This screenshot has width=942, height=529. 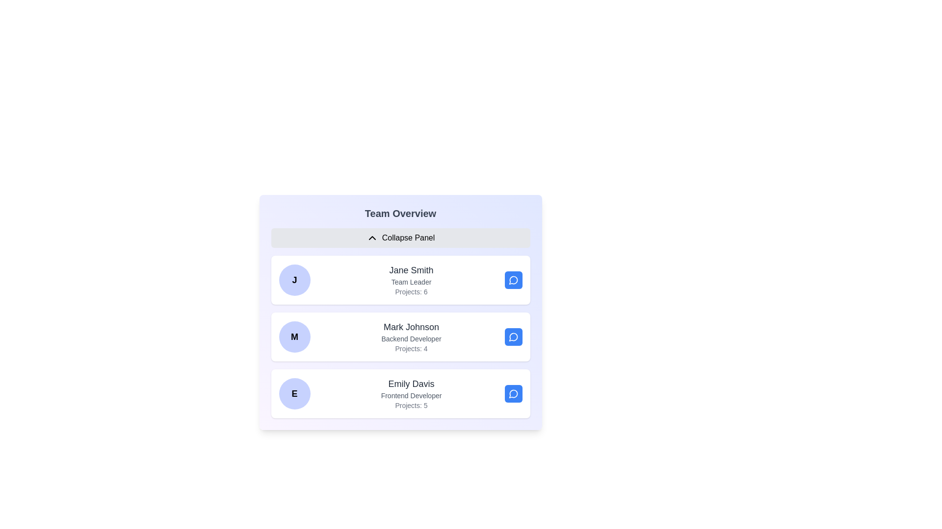 What do you see at coordinates (411, 270) in the screenshot?
I see `text label 'Jane Smith' which is styled with medium gray font and large font size, located at the top of the user card` at bounding box center [411, 270].